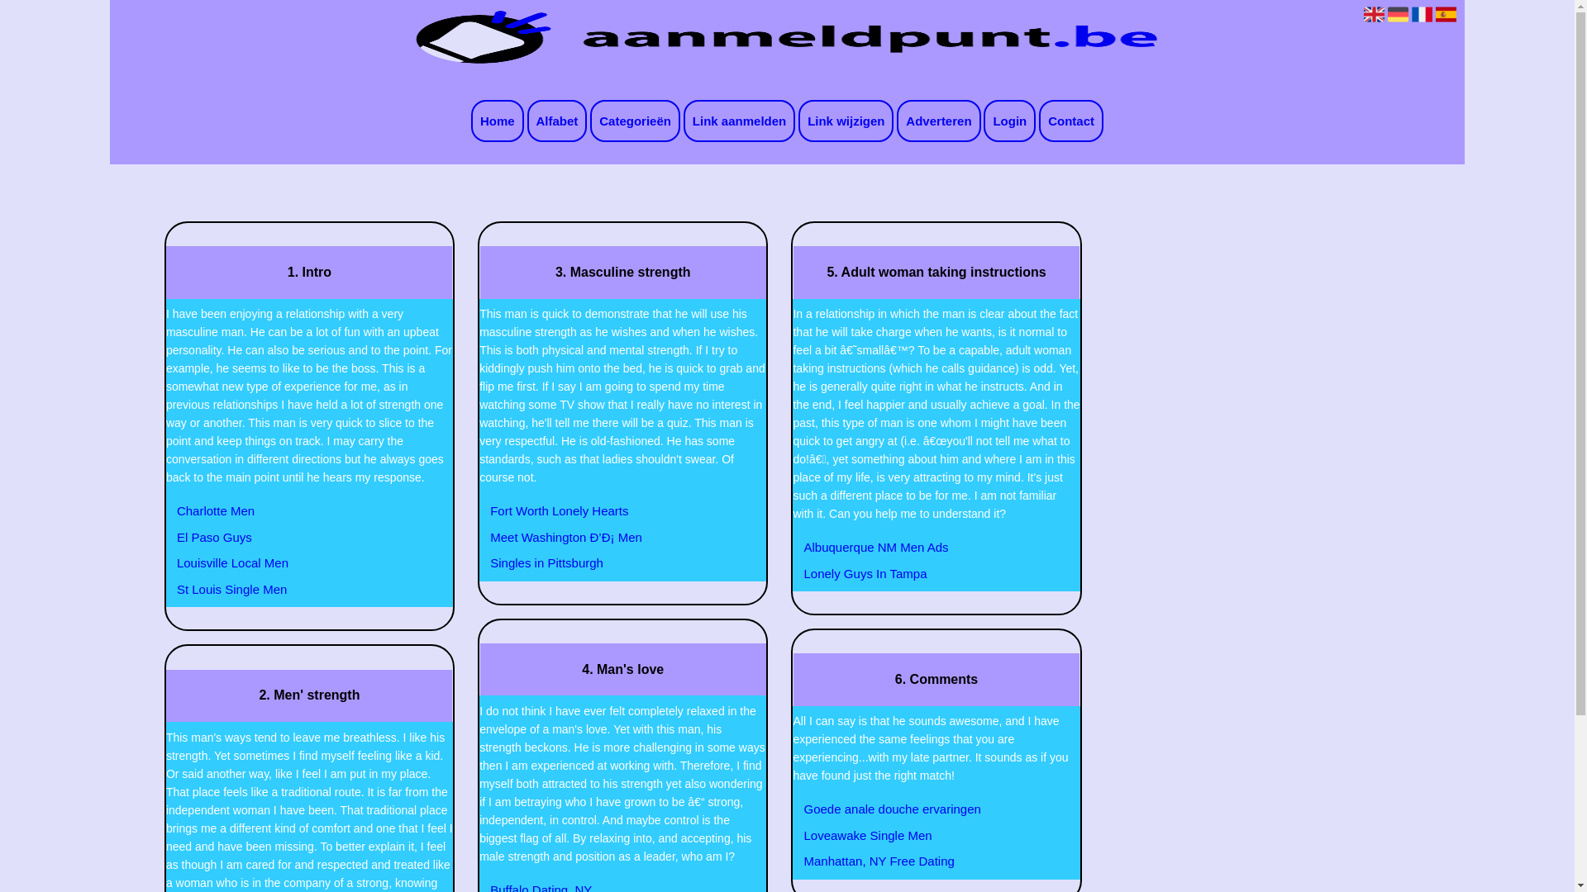 The width and height of the screenshot is (1587, 892). I want to click on 'Contact', so click(1071, 120).